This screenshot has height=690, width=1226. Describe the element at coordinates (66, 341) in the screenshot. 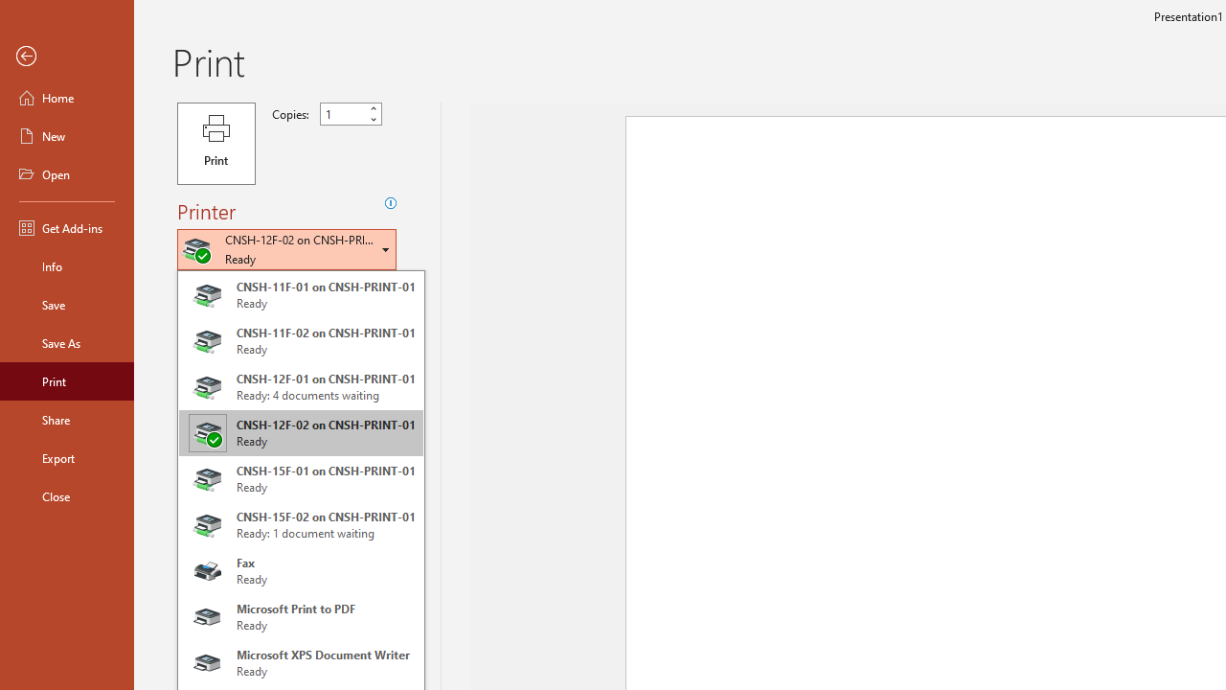

I see `'Save As'` at that location.